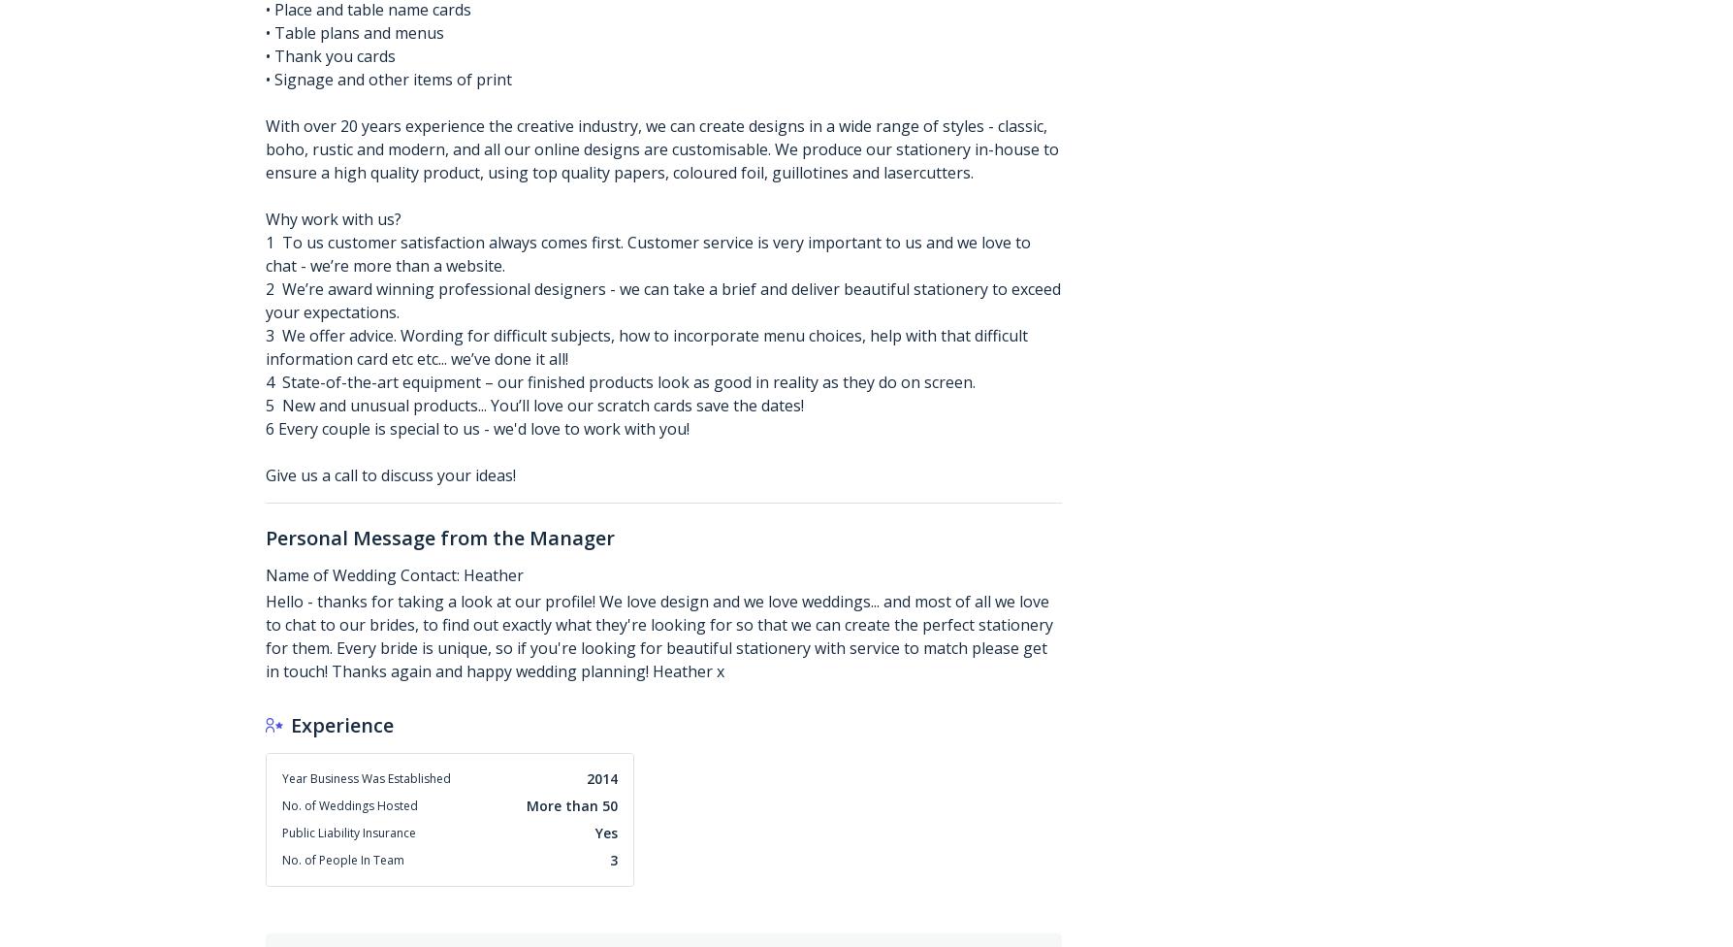  I want to click on '2014', so click(600, 777).